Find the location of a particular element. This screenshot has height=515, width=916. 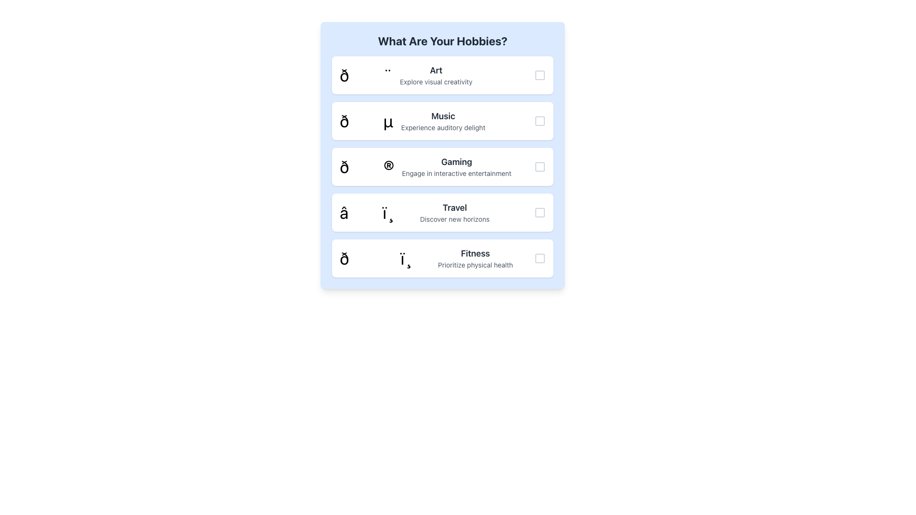

the small square SVG graphic element with rounded corners located in the 'Gaming' row of the hobbies form is located at coordinates (540, 166).